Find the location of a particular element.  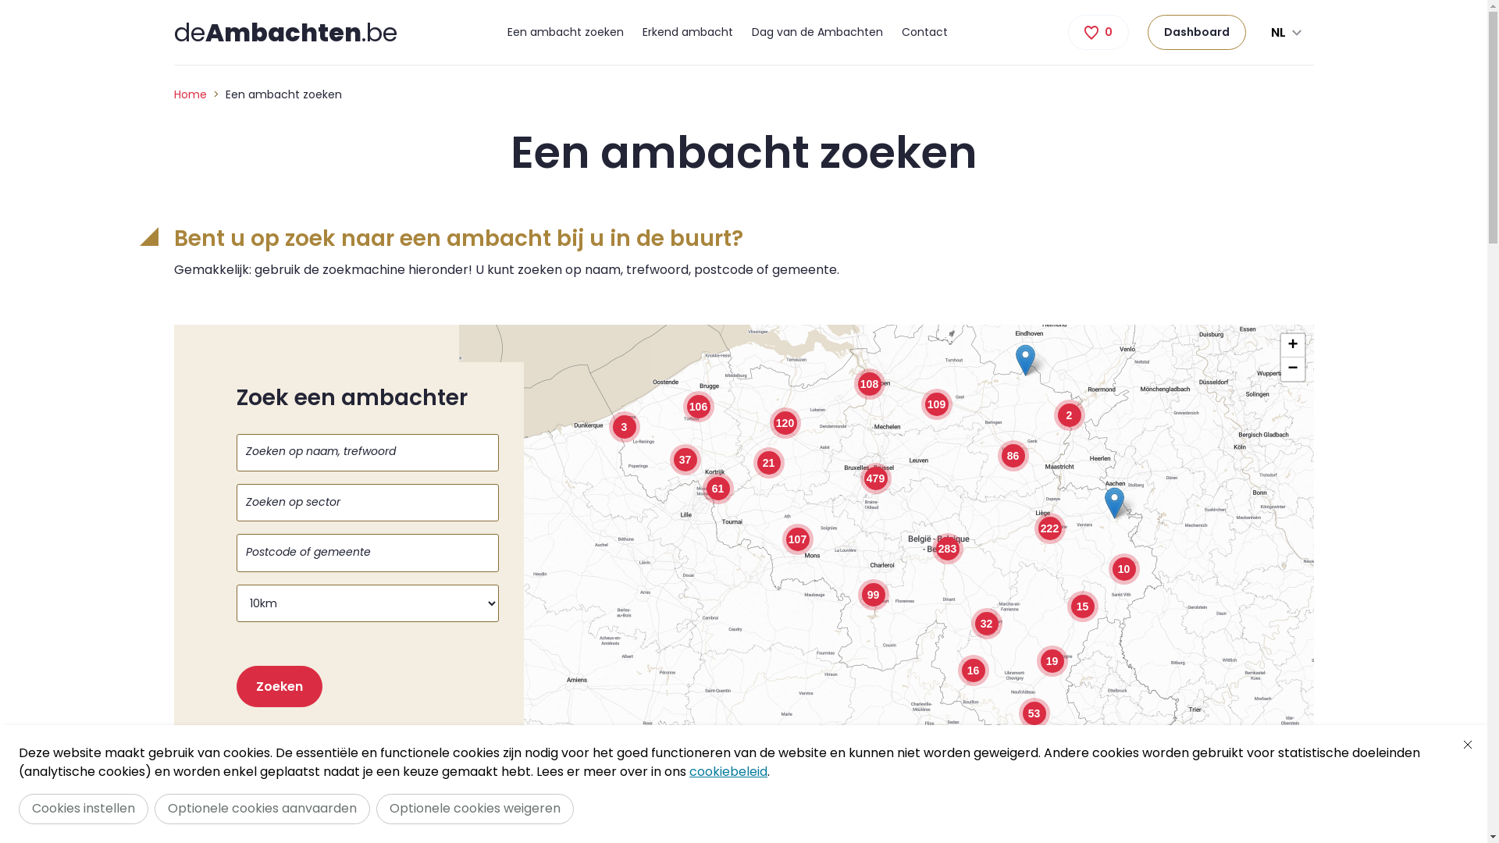

'Dashboard' is located at coordinates (1195, 32).